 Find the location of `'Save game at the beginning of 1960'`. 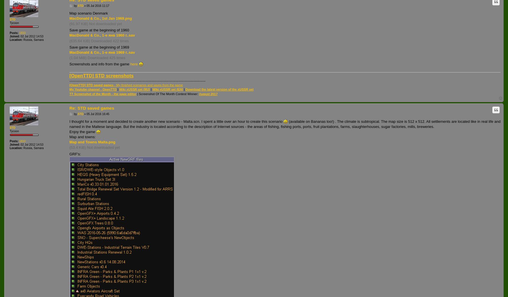

'Save game at the beginning of 1960' is located at coordinates (69, 30).